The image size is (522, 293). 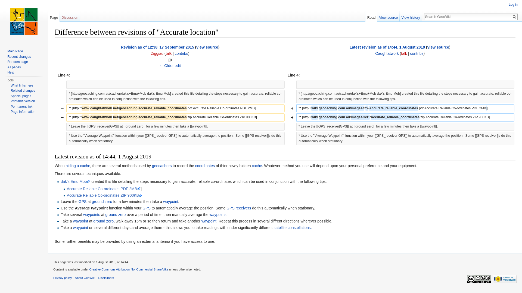 I want to click on 'Page information', so click(x=23, y=112).